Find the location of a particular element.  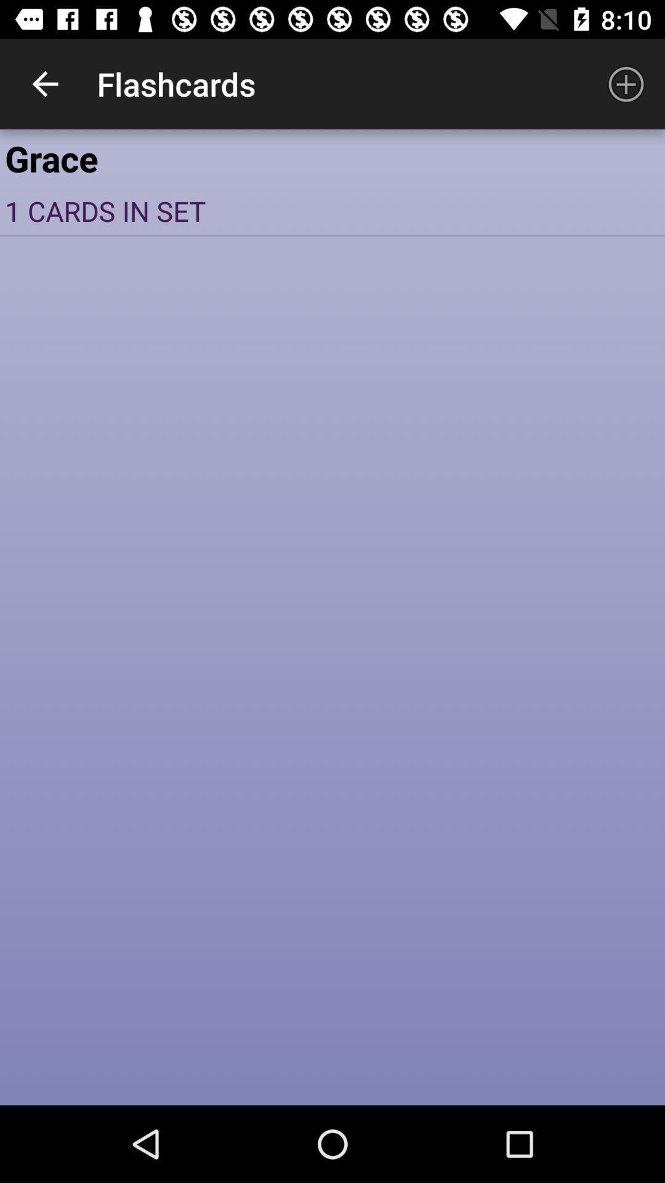

icon to the right of flashcards icon is located at coordinates (626, 83).